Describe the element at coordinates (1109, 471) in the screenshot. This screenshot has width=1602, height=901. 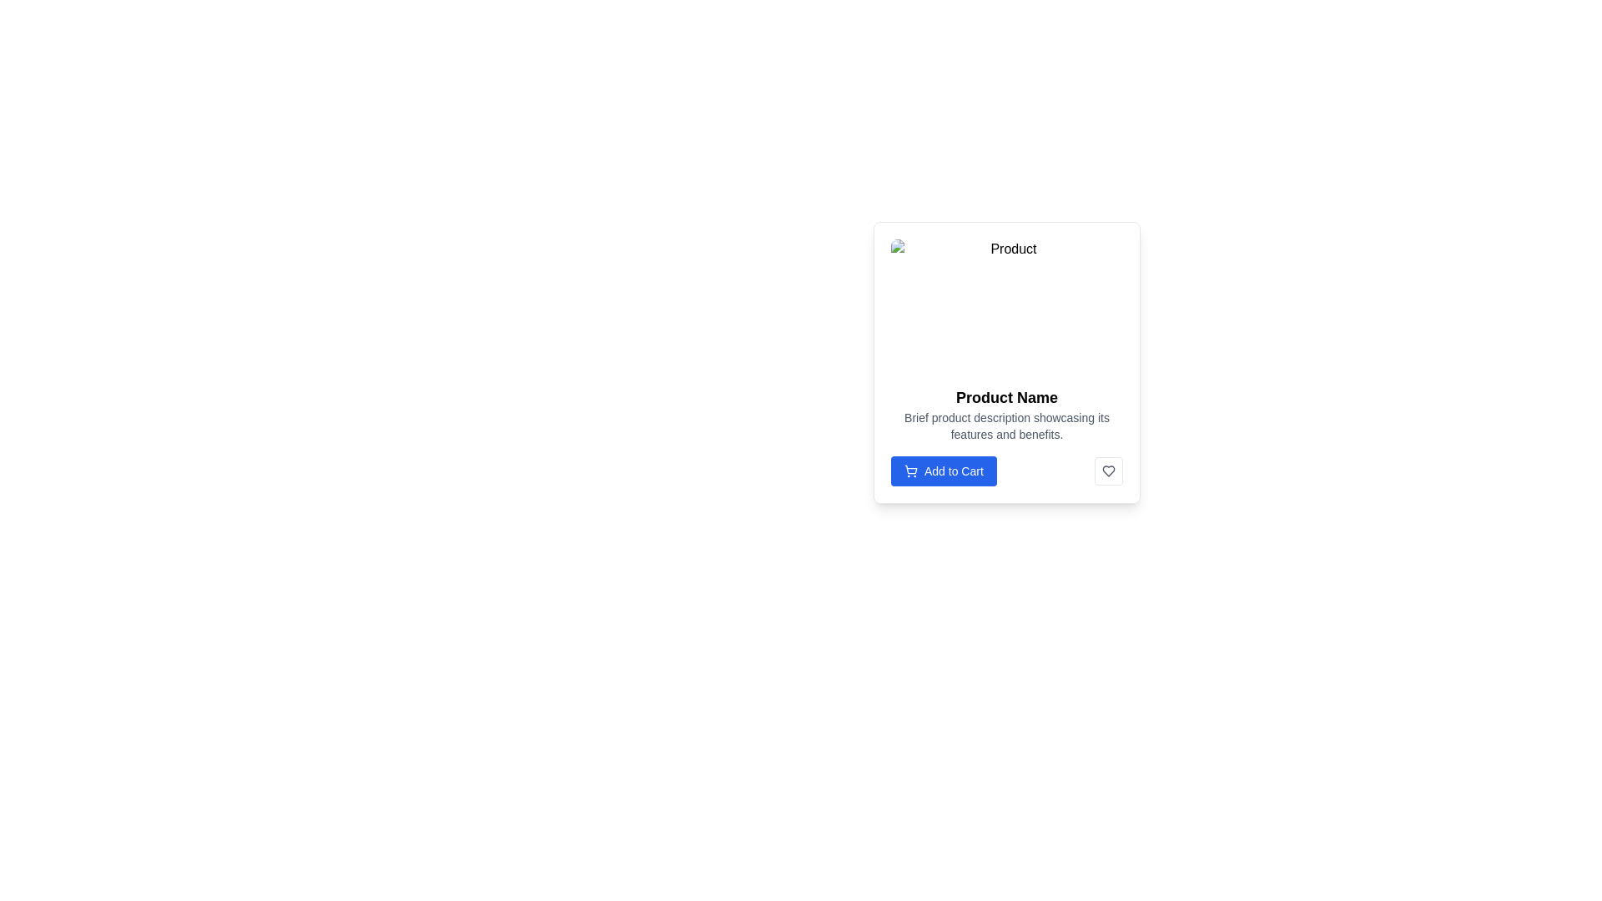
I see `the small, square button with a heart icon, which is located at the bottom right of the product description section` at that location.